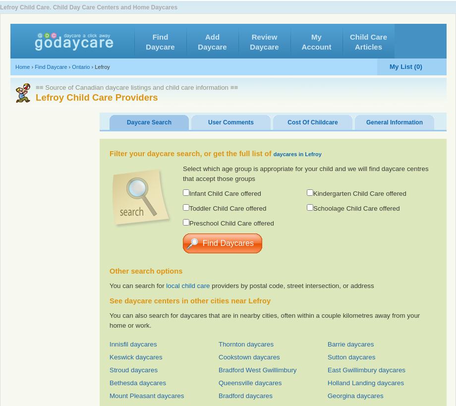  I want to click on 'Yahoo', so click(382, 36).